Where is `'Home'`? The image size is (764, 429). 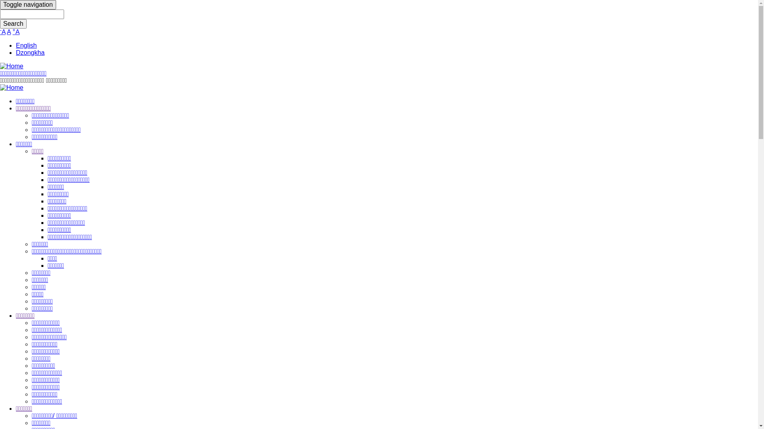 'Home' is located at coordinates (12, 66).